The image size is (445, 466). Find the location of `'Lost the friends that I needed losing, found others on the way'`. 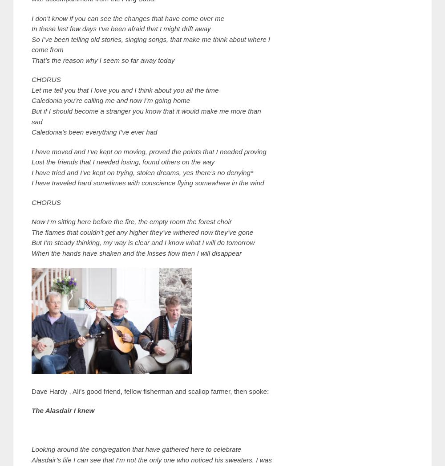

'Lost the friends that I needed losing, found others on the way' is located at coordinates (31, 161).